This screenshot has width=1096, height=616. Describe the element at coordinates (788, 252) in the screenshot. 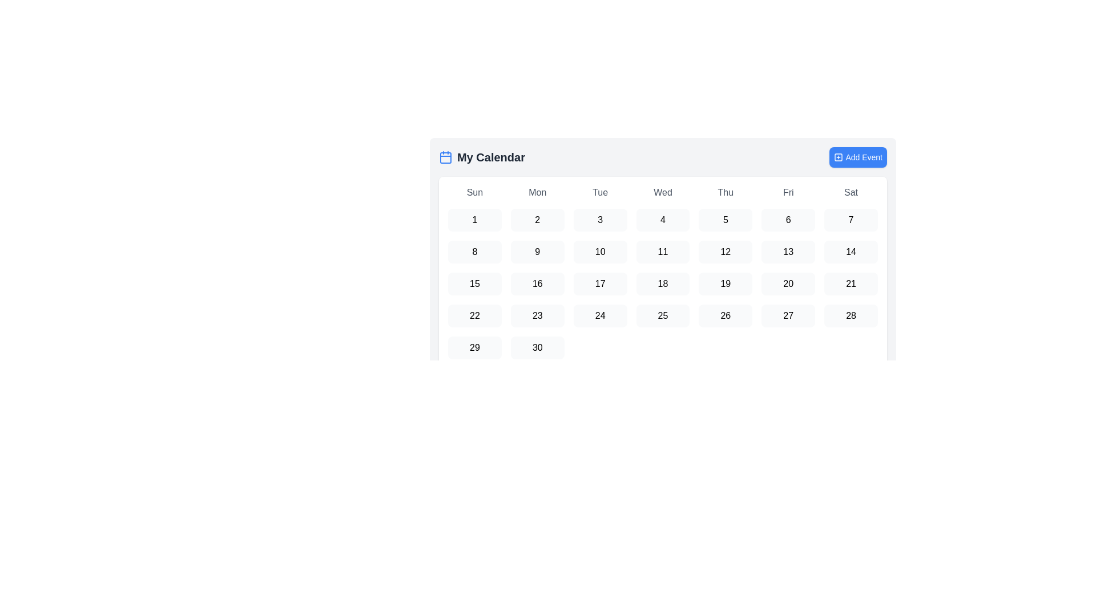

I see `the small rectangular display element with a light-gray background containing the text '13', located in the calendar grid under the 'Fri' column and third row` at that location.